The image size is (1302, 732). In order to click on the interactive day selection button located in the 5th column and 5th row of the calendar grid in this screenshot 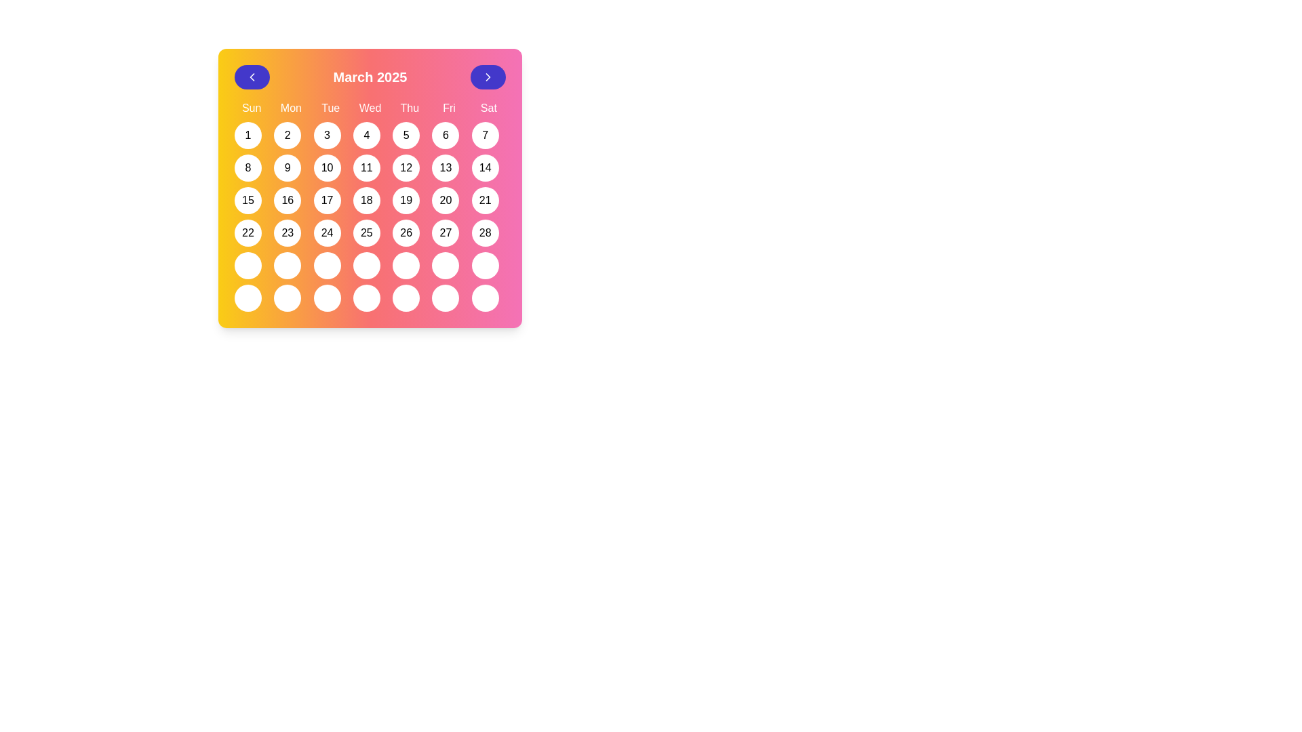, I will do `click(406, 266)`.